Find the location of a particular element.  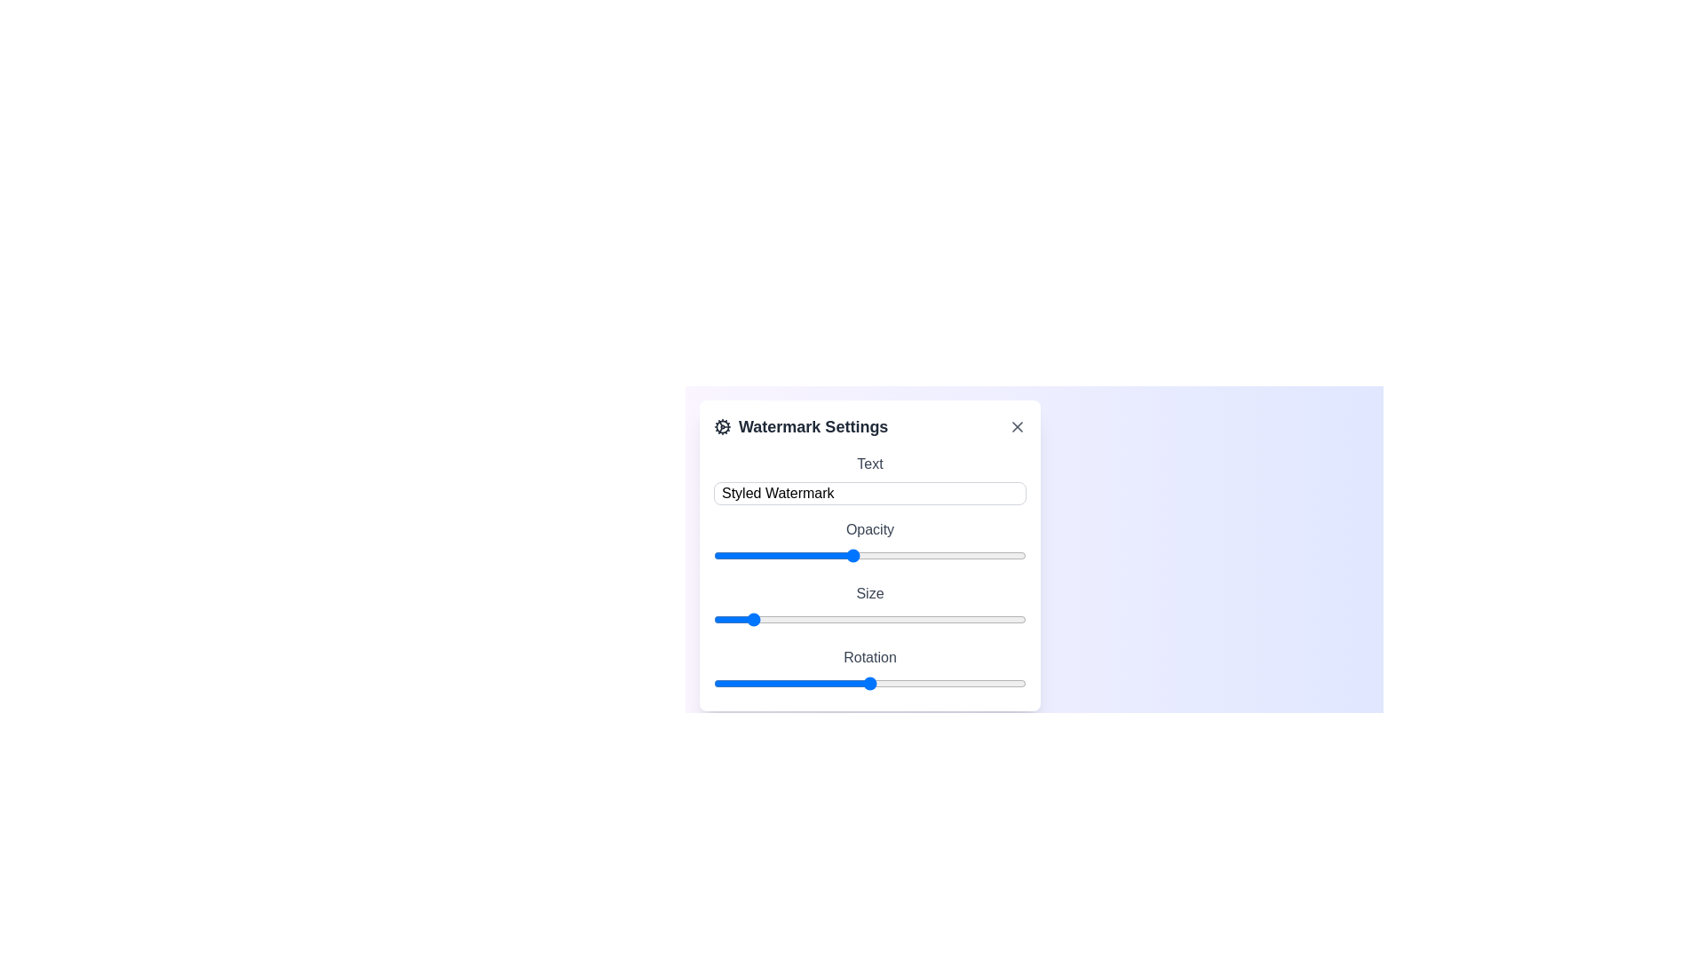

the 'Watermark Settings' header element, which includes an icon and descriptive text, positioned at the top of the settings panel is located at coordinates (800, 427).